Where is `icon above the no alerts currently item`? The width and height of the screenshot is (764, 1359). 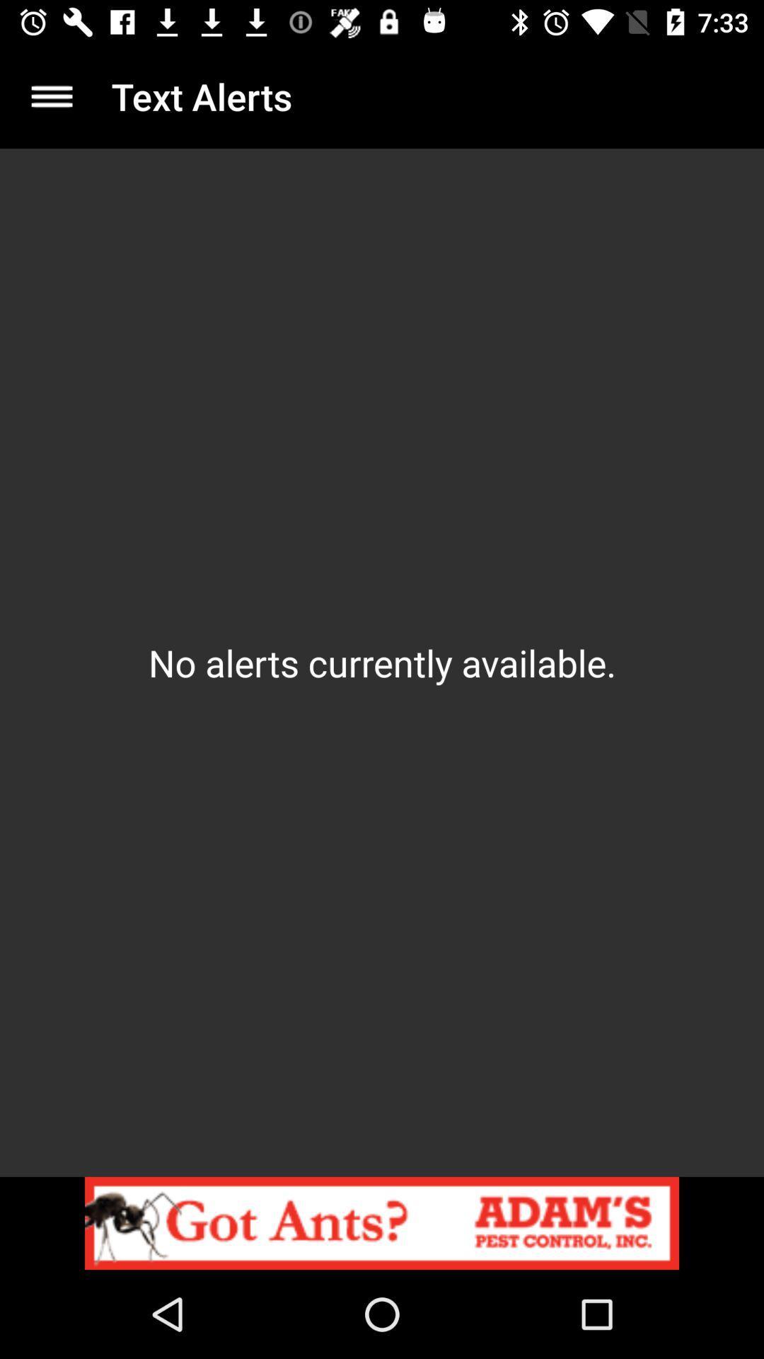
icon above the no alerts currently item is located at coordinates (51, 96).